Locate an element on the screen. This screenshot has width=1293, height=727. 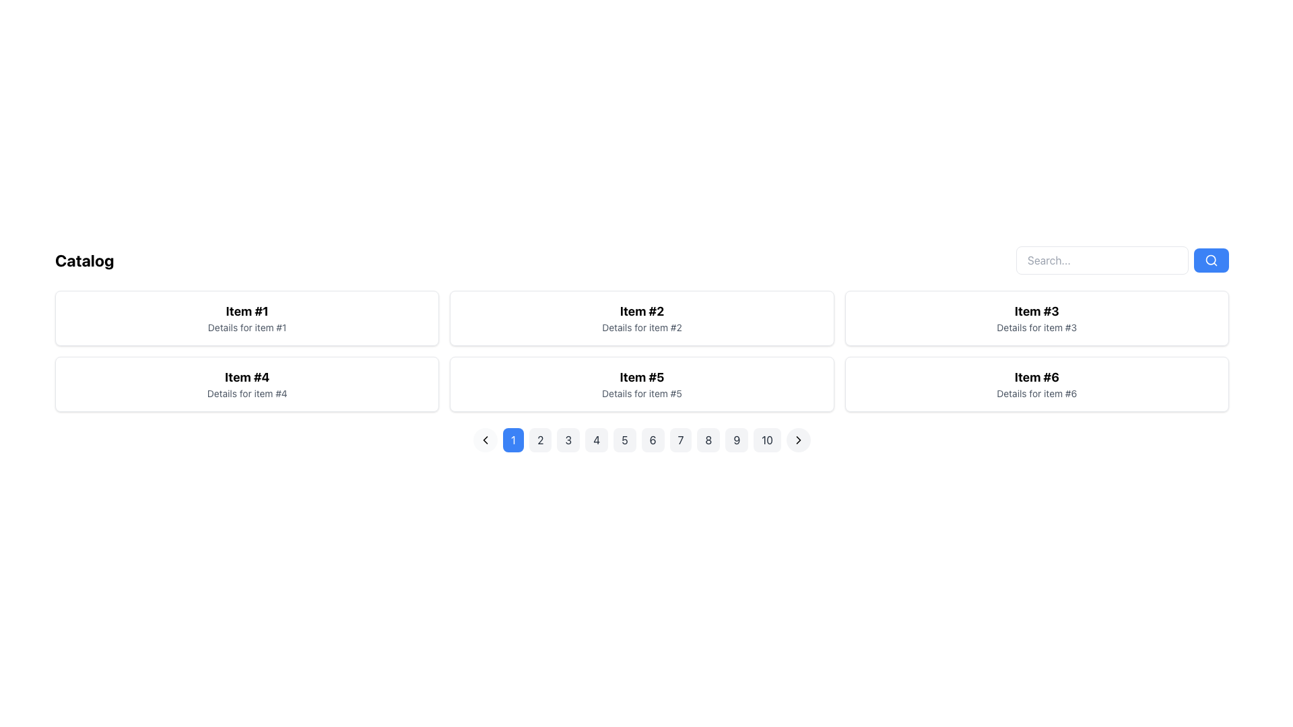
the right-facing chevron icon button located at the far right of the pagination bar to trigger the highlighting effect is located at coordinates (798, 440).